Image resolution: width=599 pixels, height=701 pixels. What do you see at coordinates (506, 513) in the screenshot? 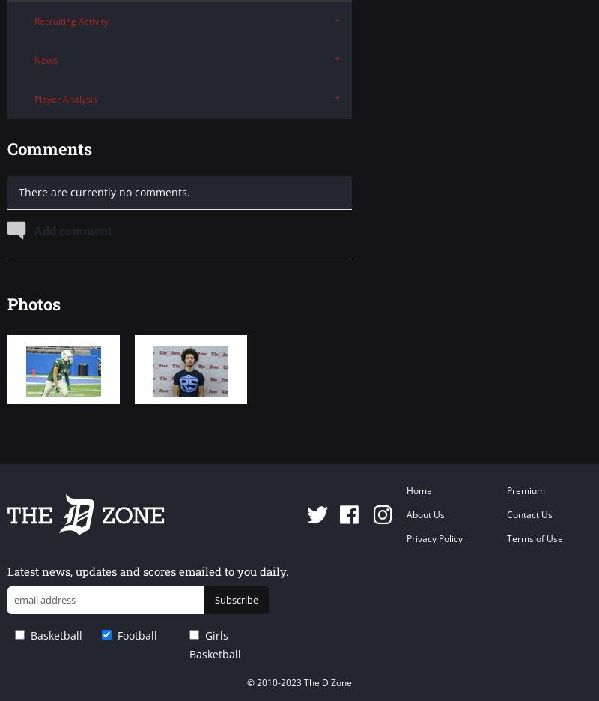
I see `'Contact Us'` at bounding box center [506, 513].